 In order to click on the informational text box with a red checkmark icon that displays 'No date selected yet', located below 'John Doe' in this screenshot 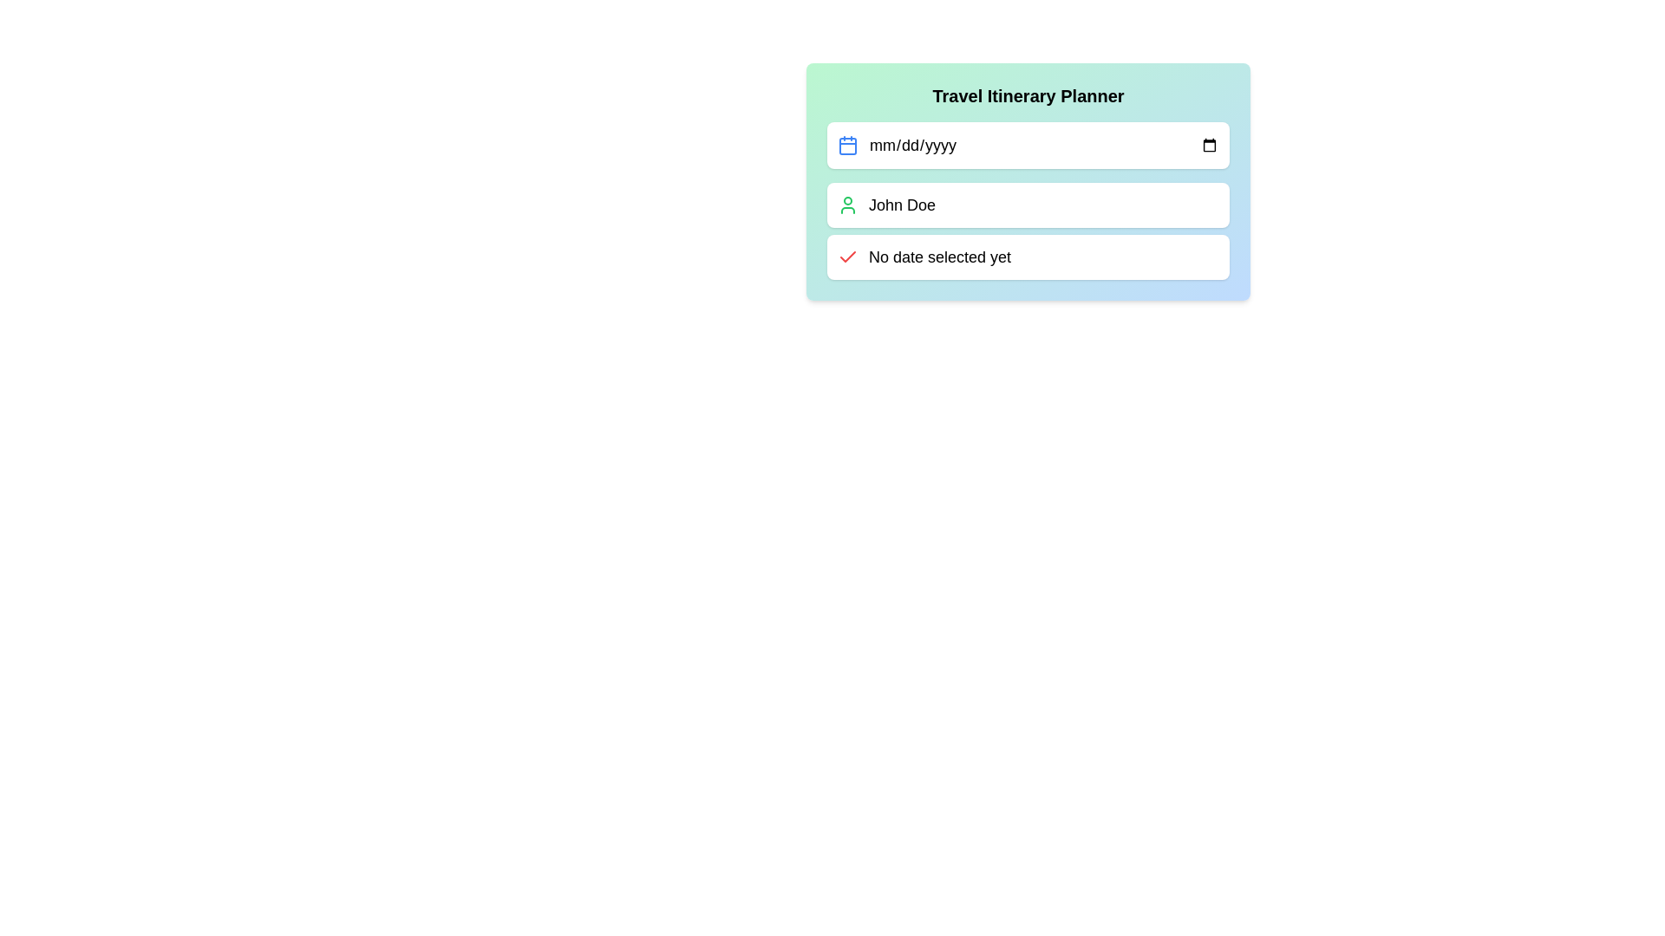, I will do `click(1028, 257)`.